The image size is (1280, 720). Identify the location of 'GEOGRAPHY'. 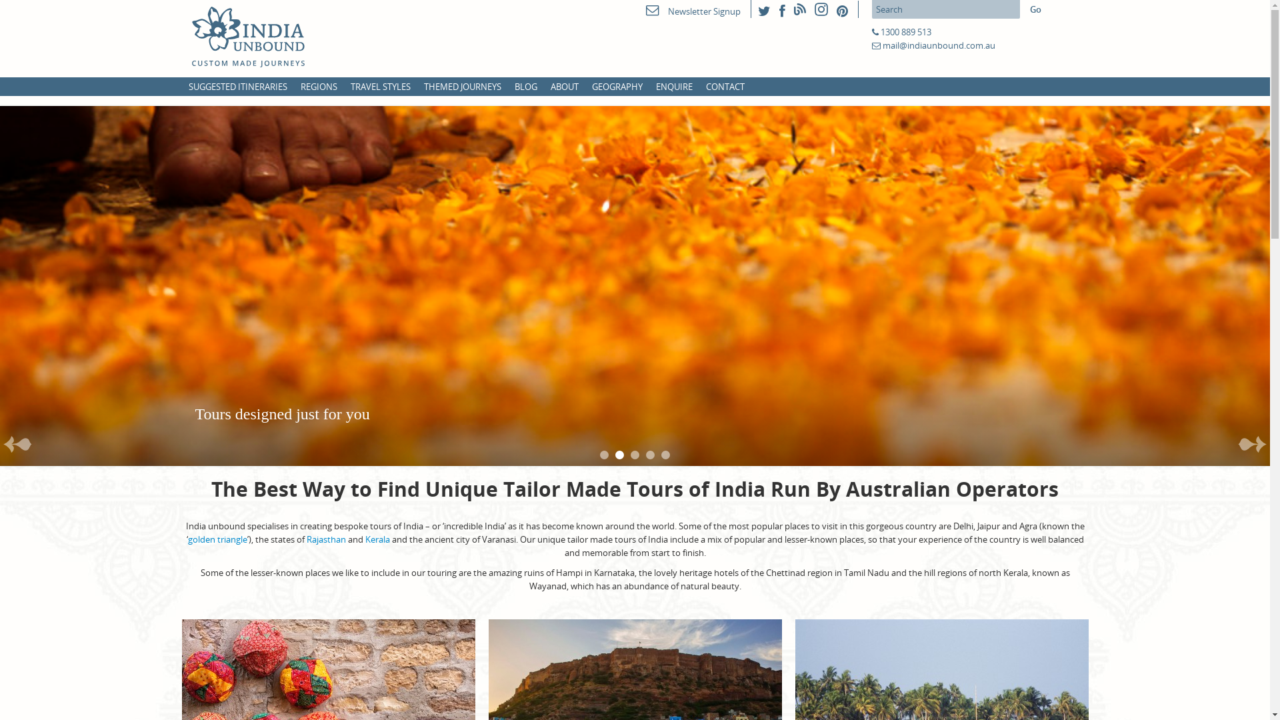
(617, 87).